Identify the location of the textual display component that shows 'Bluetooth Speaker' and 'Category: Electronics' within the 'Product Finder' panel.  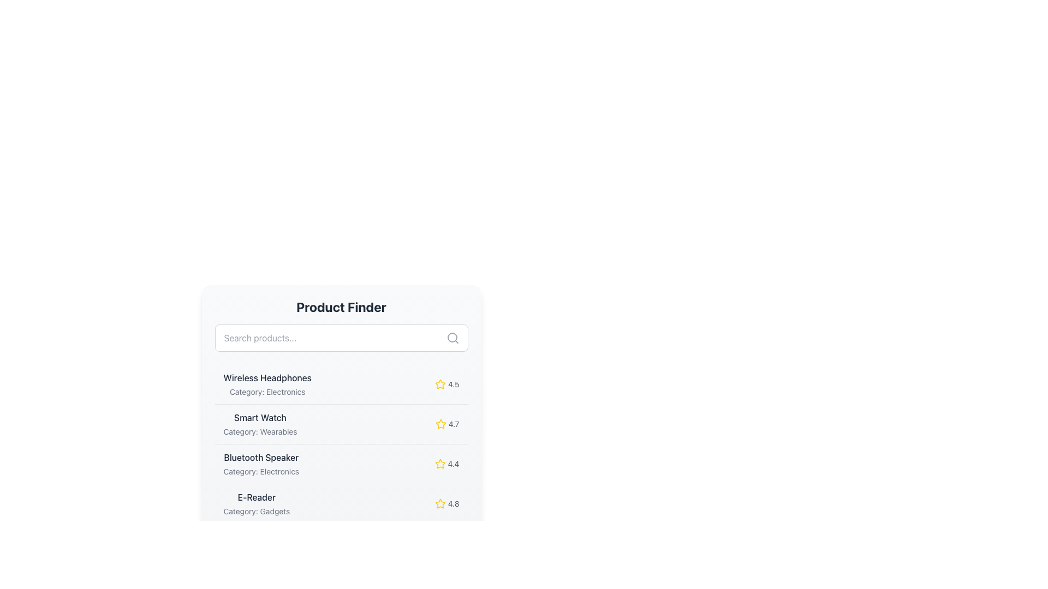
(260, 464).